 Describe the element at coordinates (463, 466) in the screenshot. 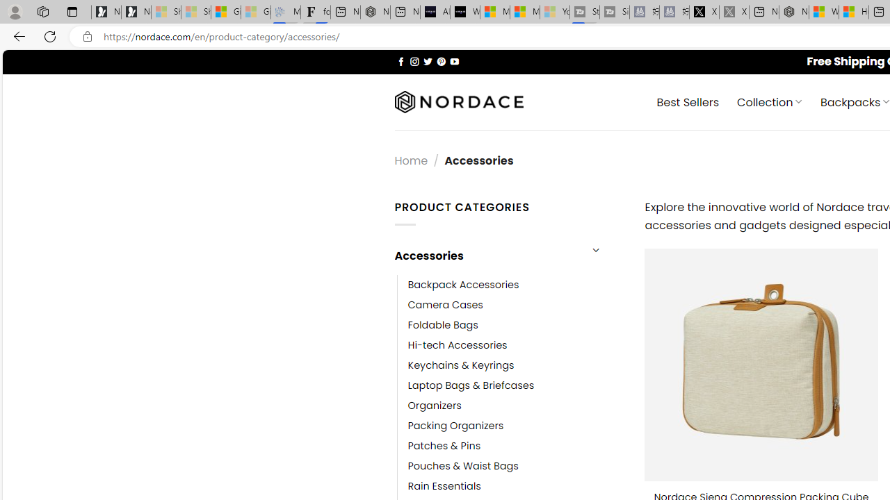

I see `'Pouches & Waist Bags'` at that location.